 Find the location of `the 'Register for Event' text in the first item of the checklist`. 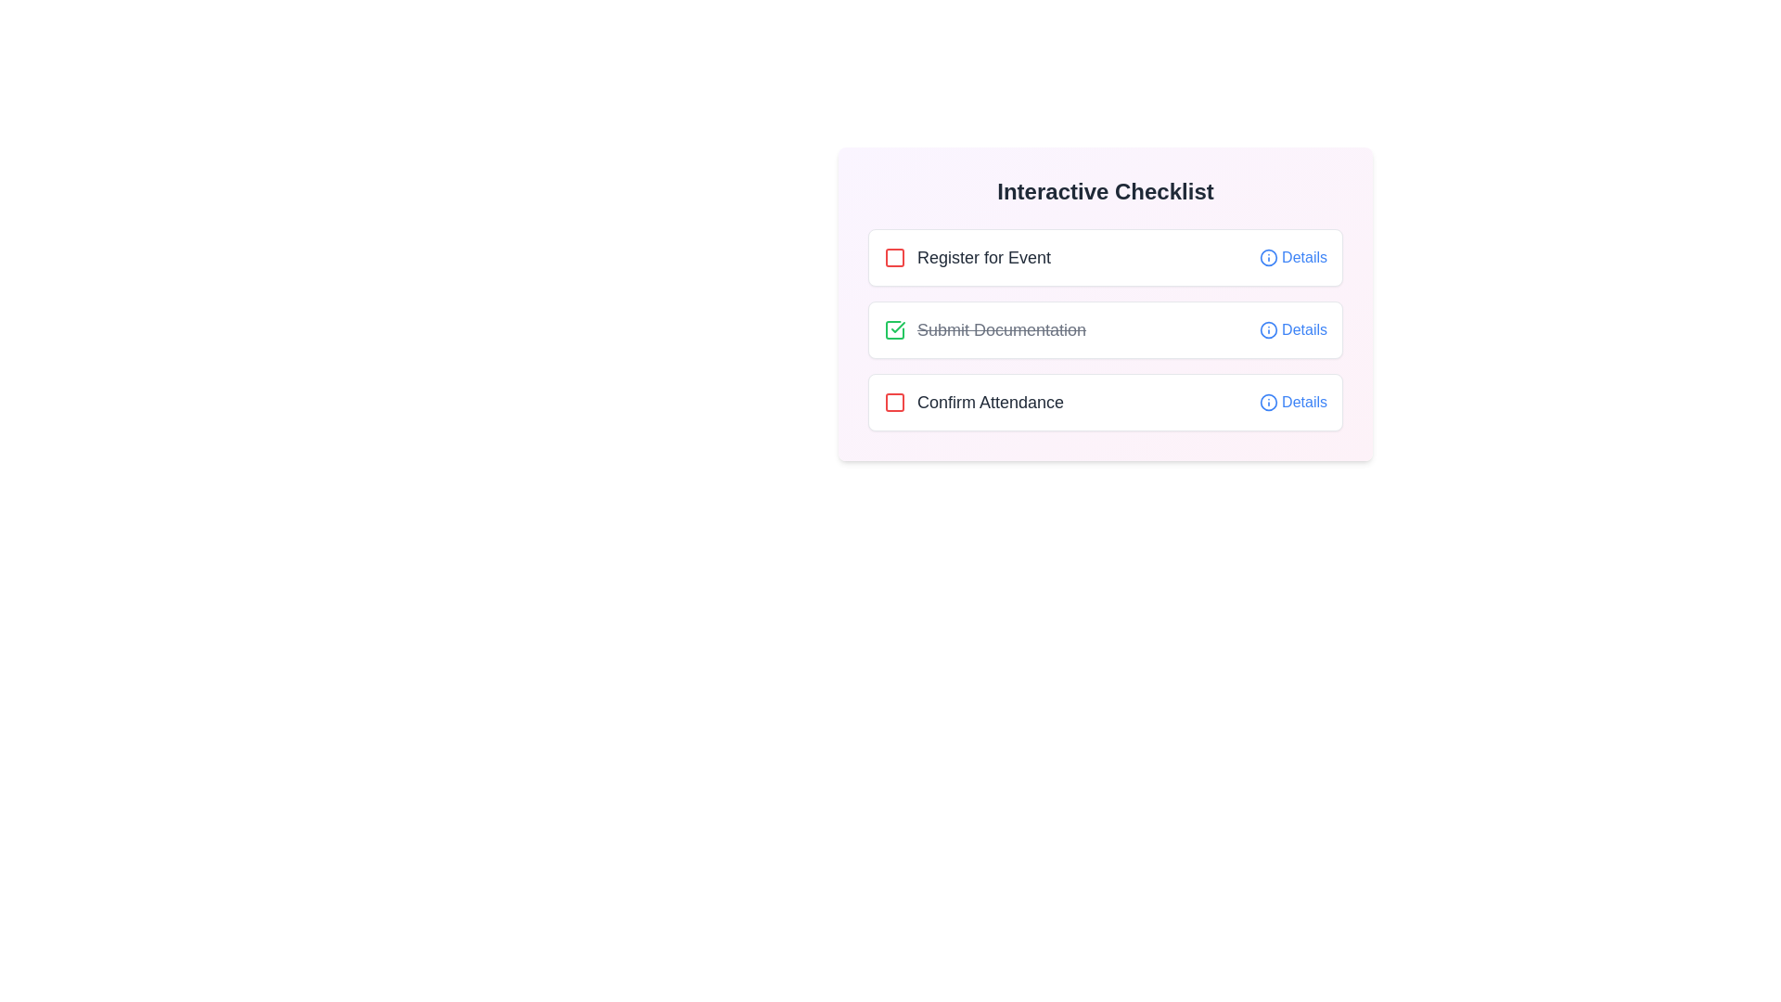

the 'Register for Event' text in the first item of the checklist is located at coordinates (966, 257).